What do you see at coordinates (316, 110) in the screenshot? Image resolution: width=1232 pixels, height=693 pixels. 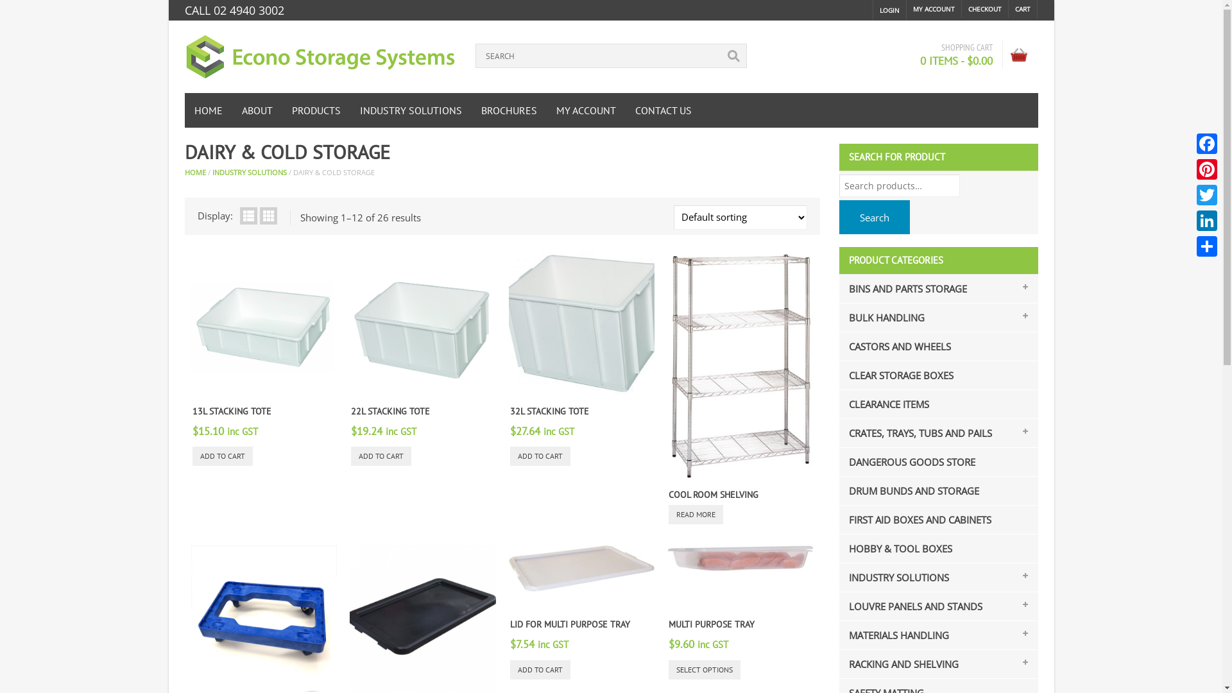 I see `'PRODUCTS'` at bounding box center [316, 110].